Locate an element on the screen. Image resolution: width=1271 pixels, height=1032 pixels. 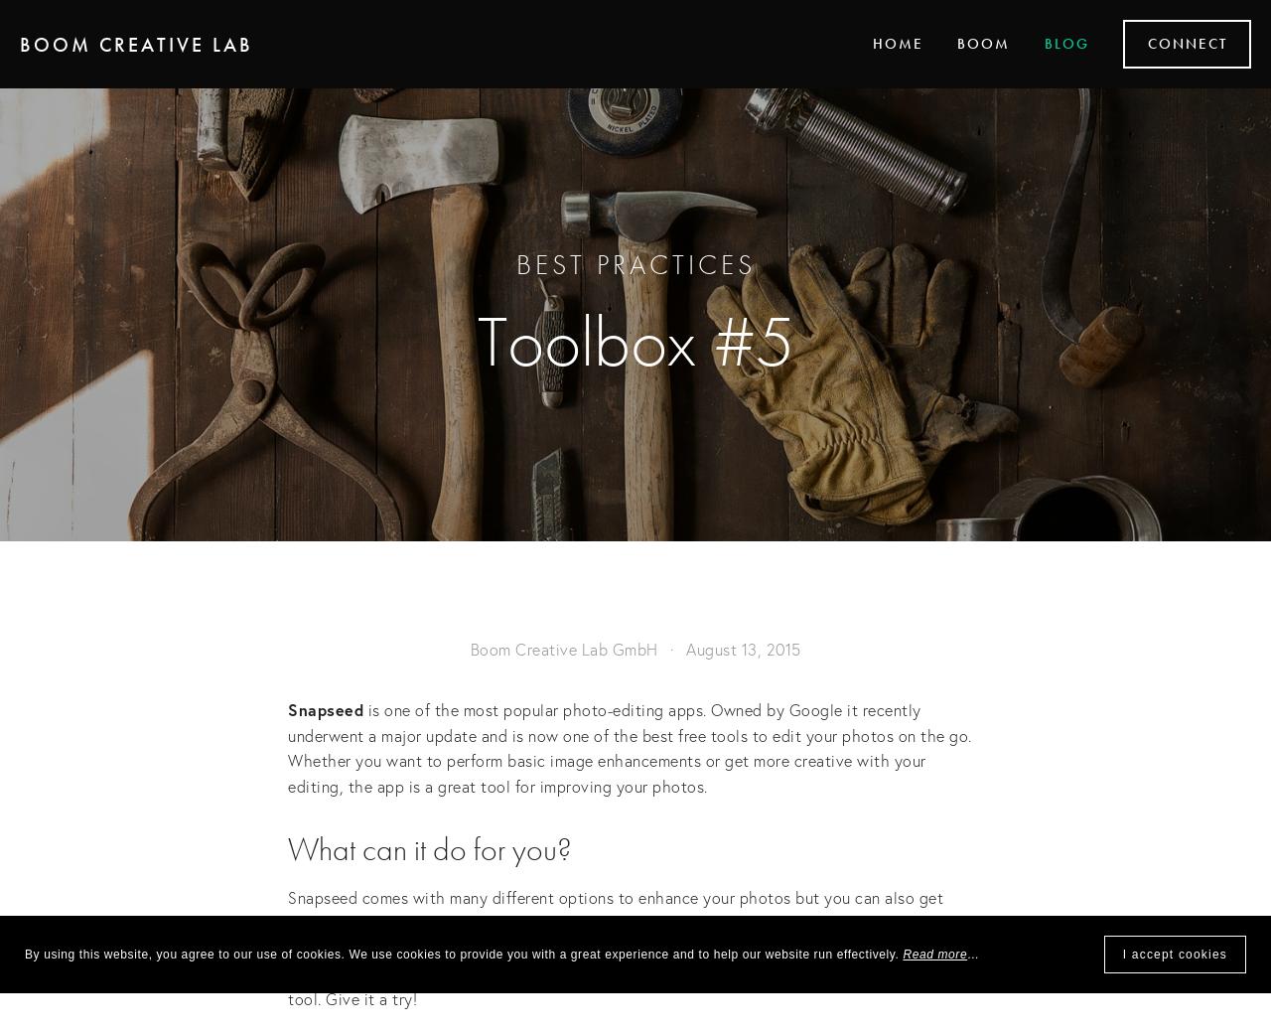
'Snapseed' is located at coordinates (325, 708).